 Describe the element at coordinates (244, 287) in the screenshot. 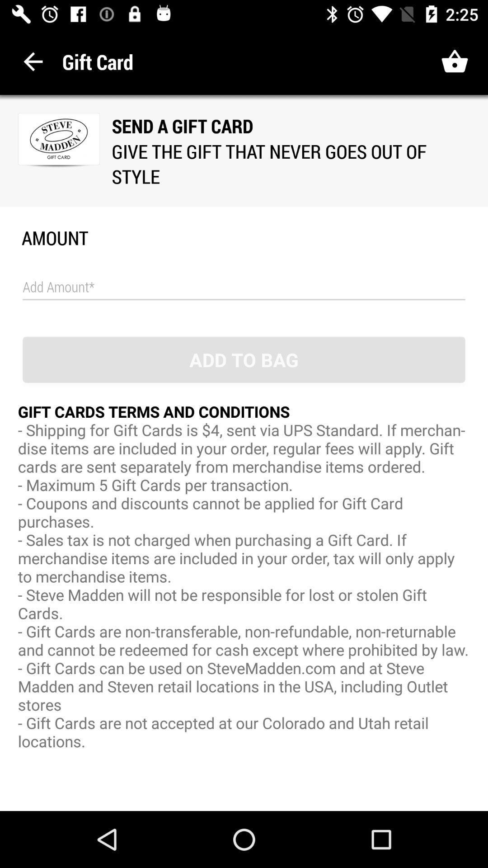

I see `the item above the add to bag icon` at that location.